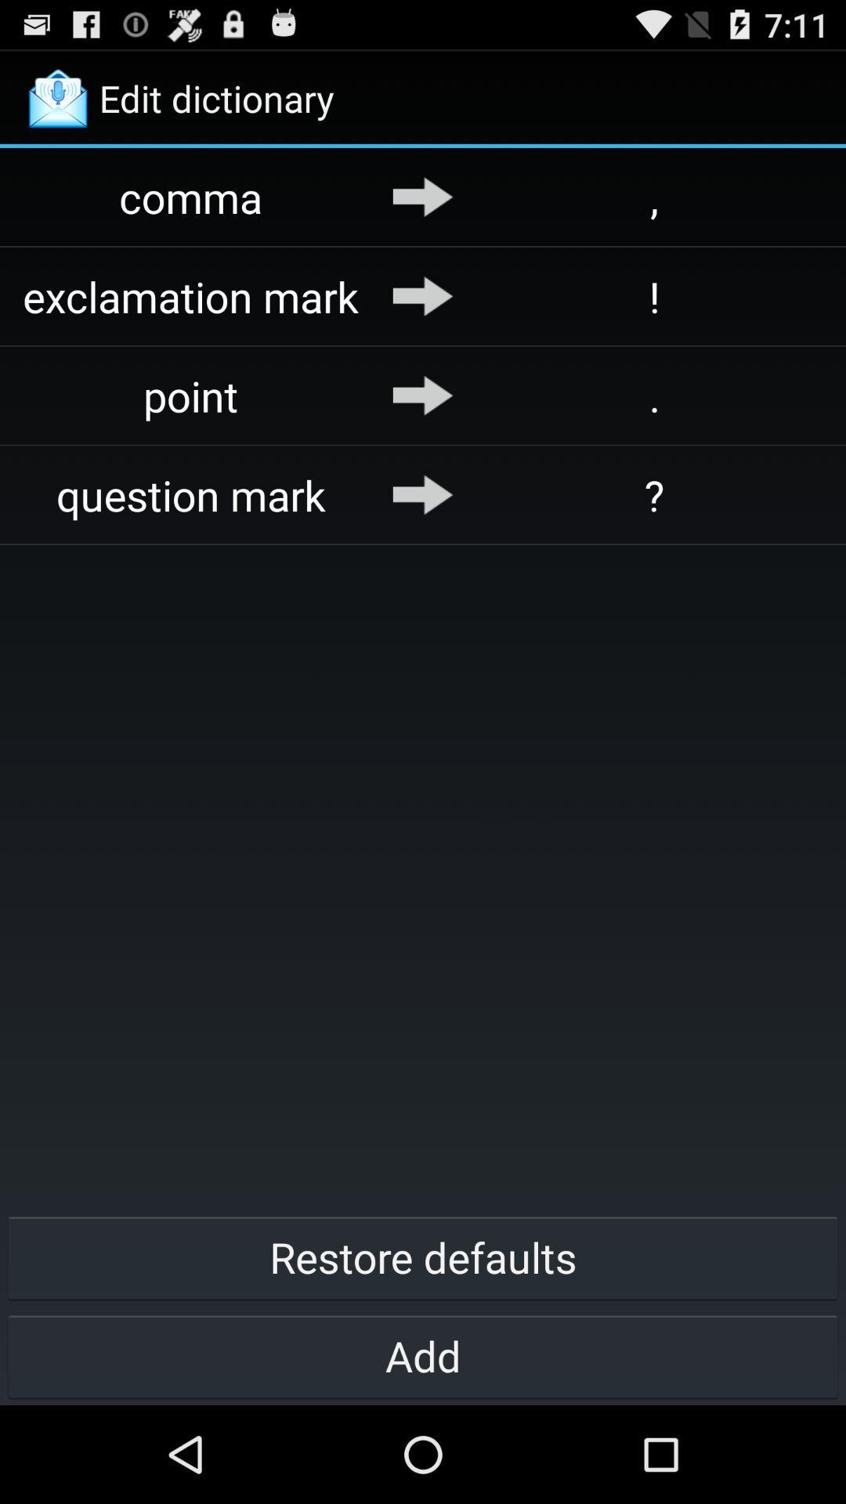 The width and height of the screenshot is (846, 1504). What do you see at coordinates (190, 296) in the screenshot?
I see `the icon below the comma icon` at bounding box center [190, 296].